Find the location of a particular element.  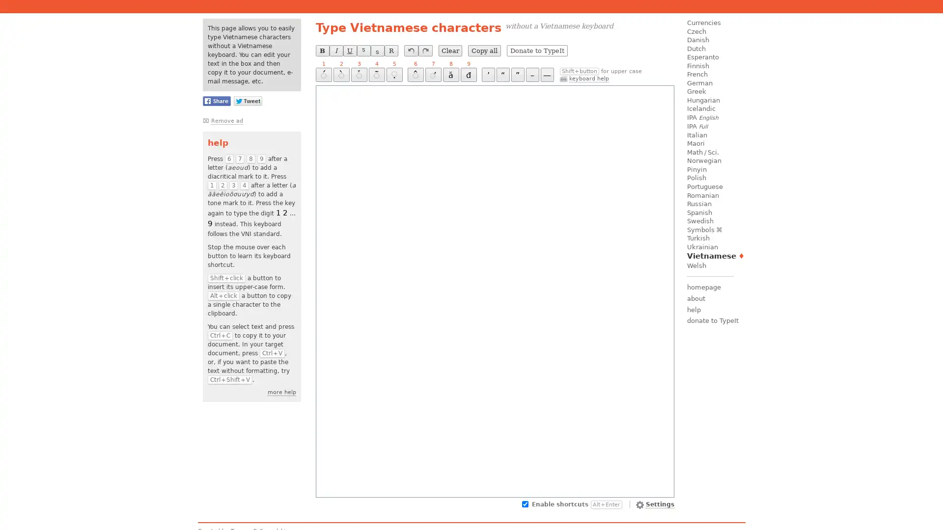

4 is located at coordinates (376, 74).